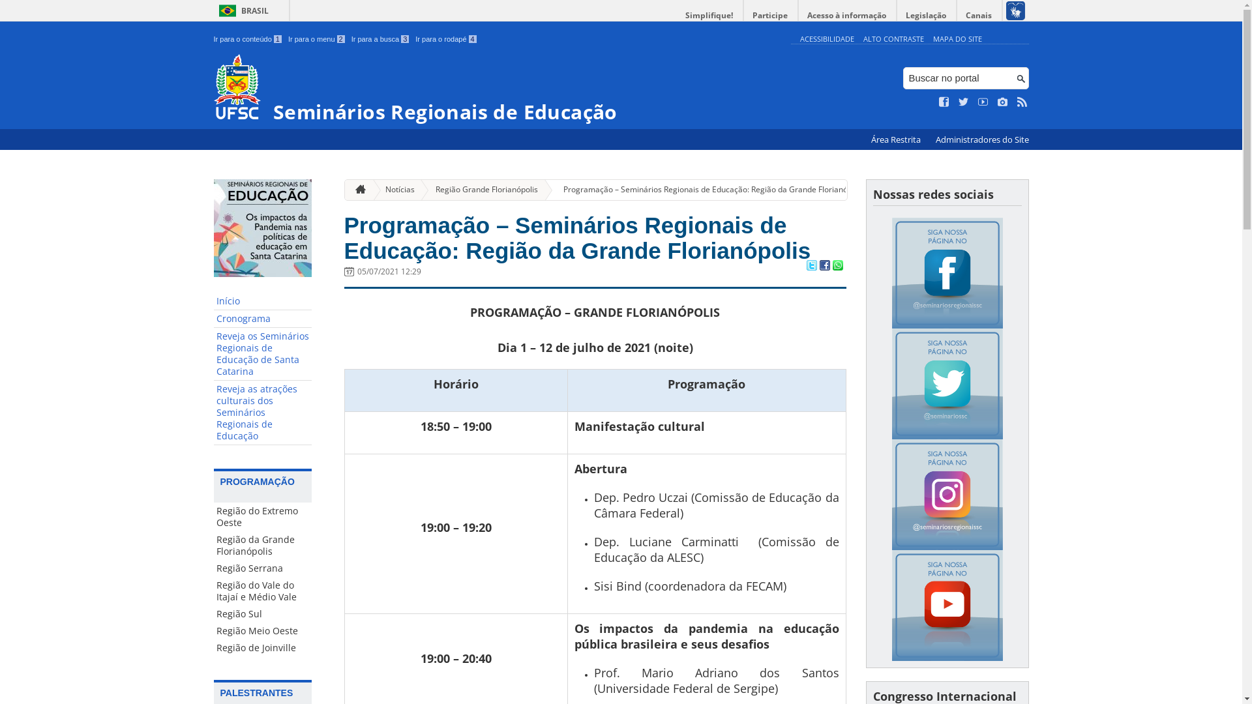 This screenshot has height=704, width=1252. I want to click on 'Curta no Facebook', so click(944, 102).